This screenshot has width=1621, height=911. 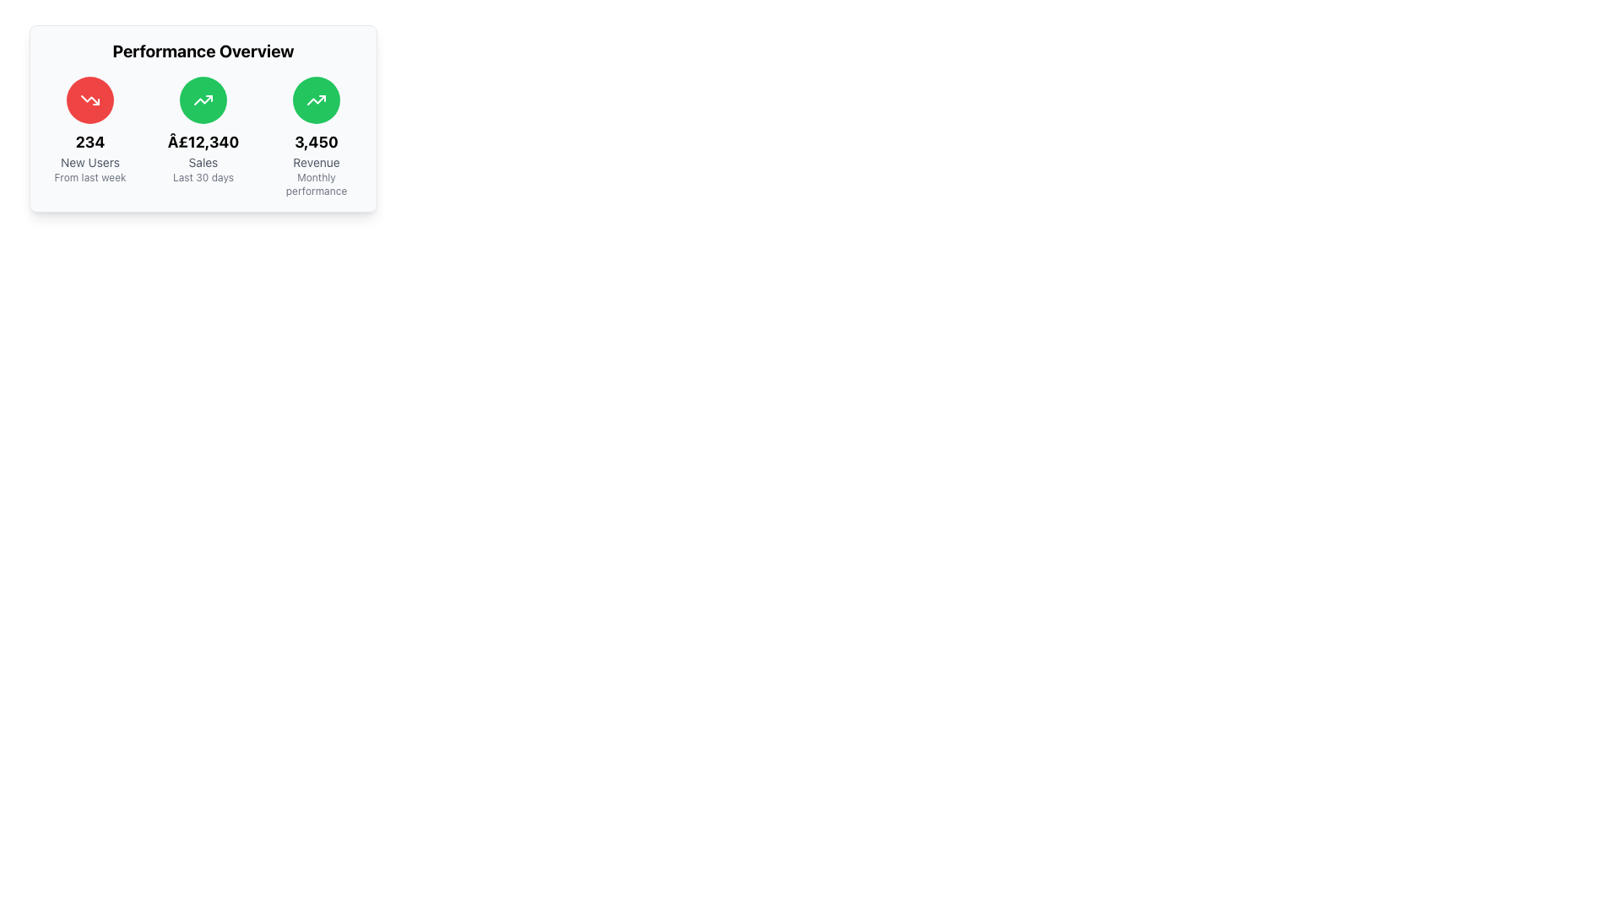 What do you see at coordinates (316, 162) in the screenshot?
I see `the Text Label that indicates 'Revenue', positioned below the bold number '3,450' within the summary card` at bounding box center [316, 162].